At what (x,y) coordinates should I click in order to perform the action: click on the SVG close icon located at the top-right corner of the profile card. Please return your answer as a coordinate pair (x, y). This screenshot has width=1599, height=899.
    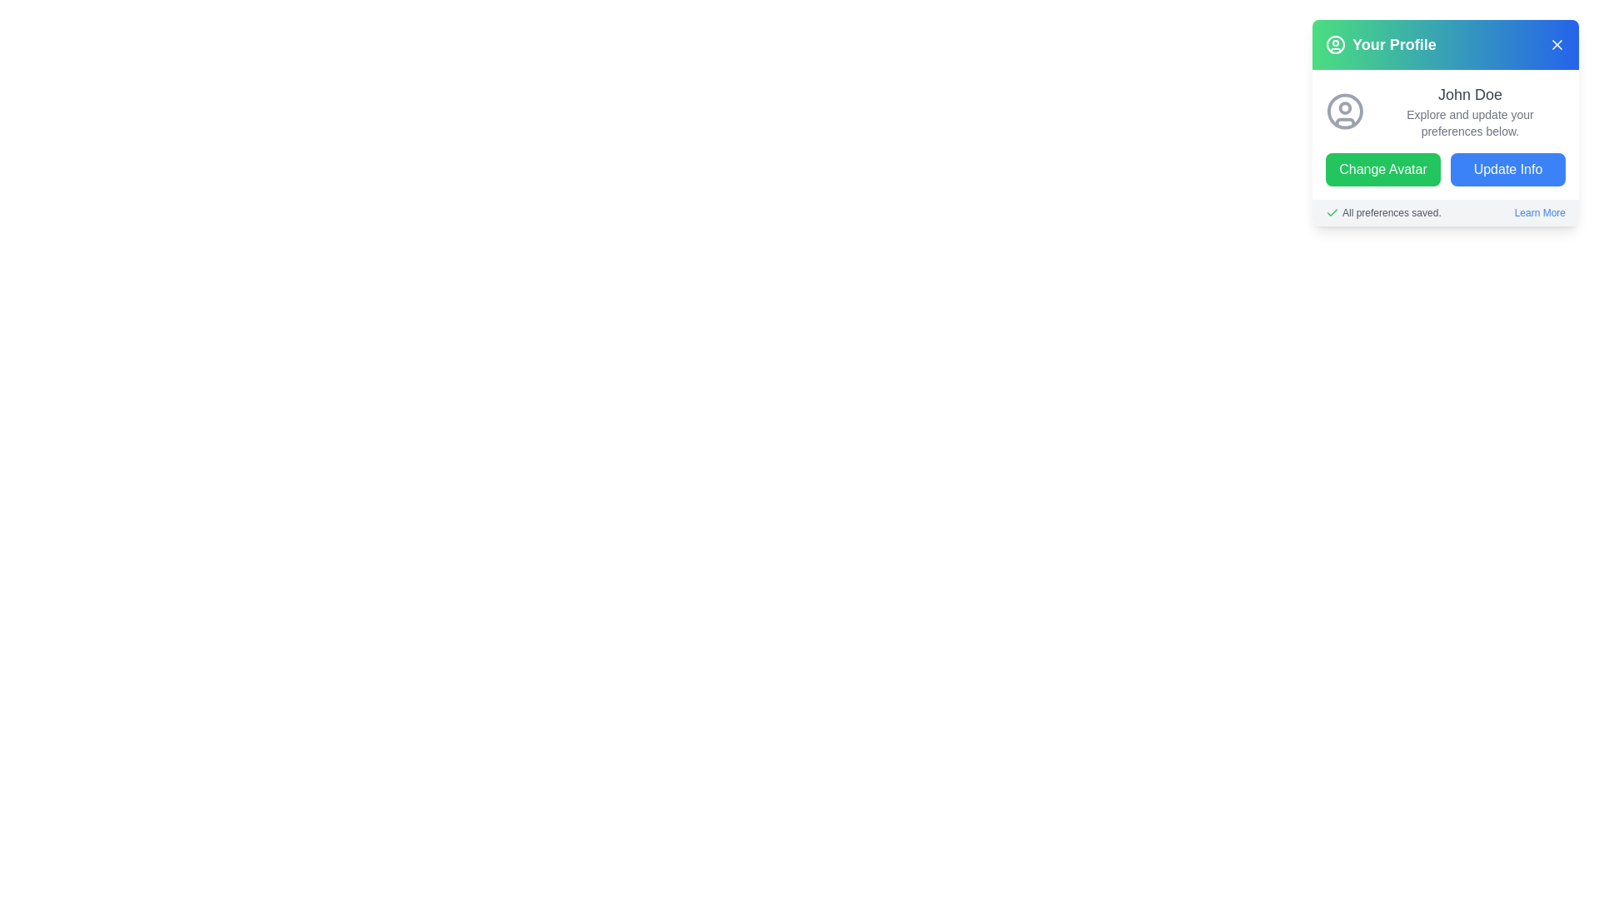
    Looking at the image, I should click on (1557, 44).